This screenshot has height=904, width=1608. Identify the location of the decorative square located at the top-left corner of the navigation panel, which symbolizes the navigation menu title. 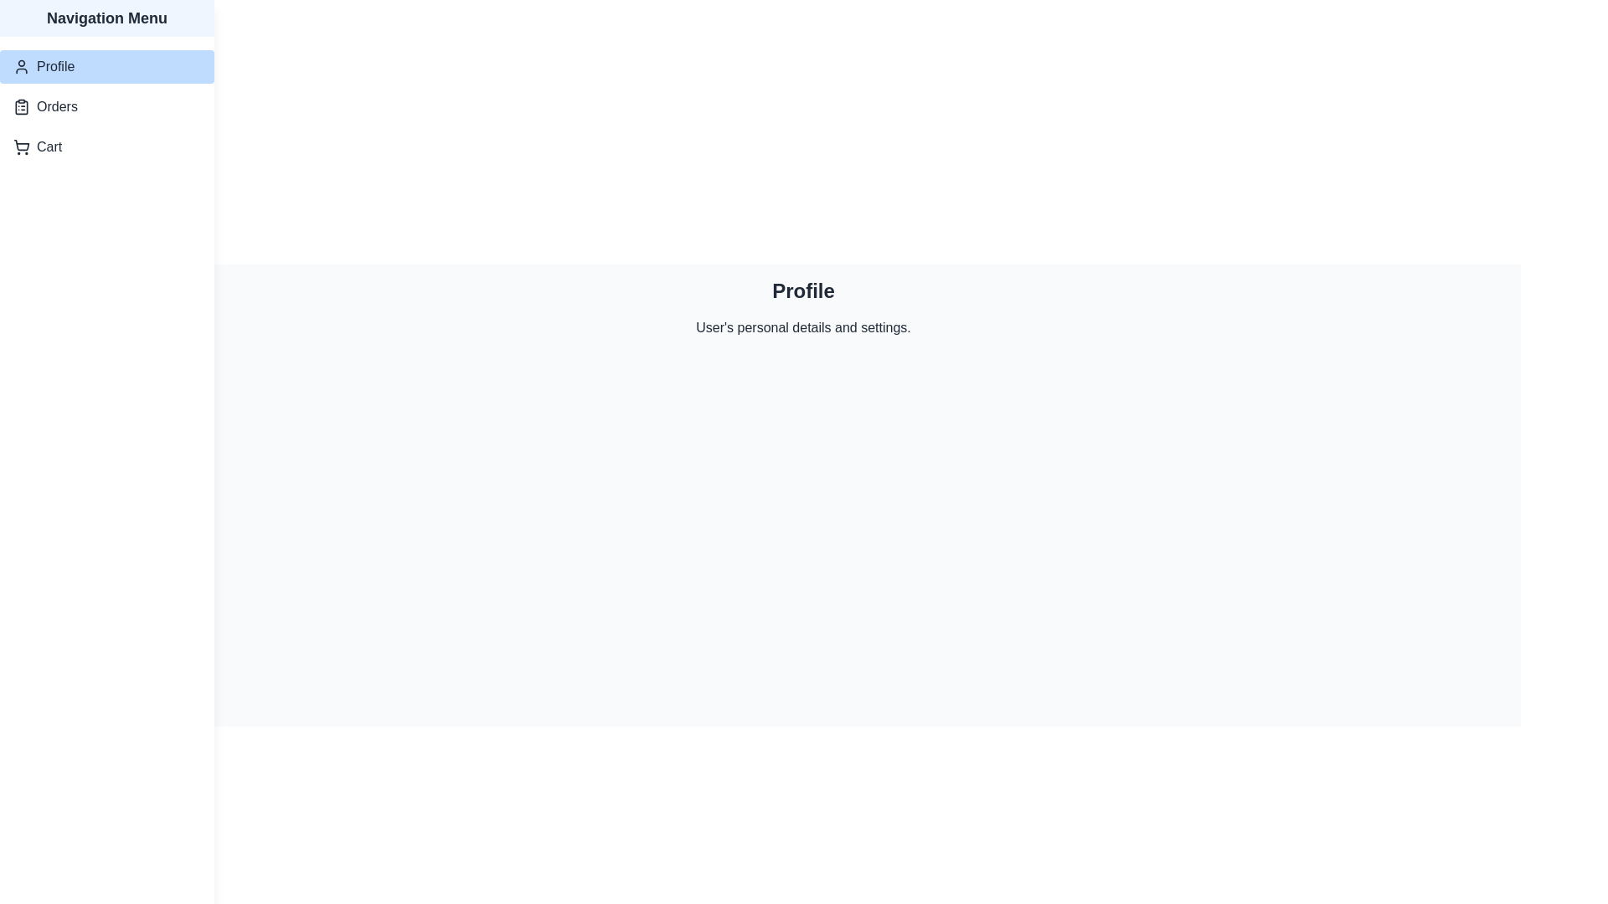
(32, 28).